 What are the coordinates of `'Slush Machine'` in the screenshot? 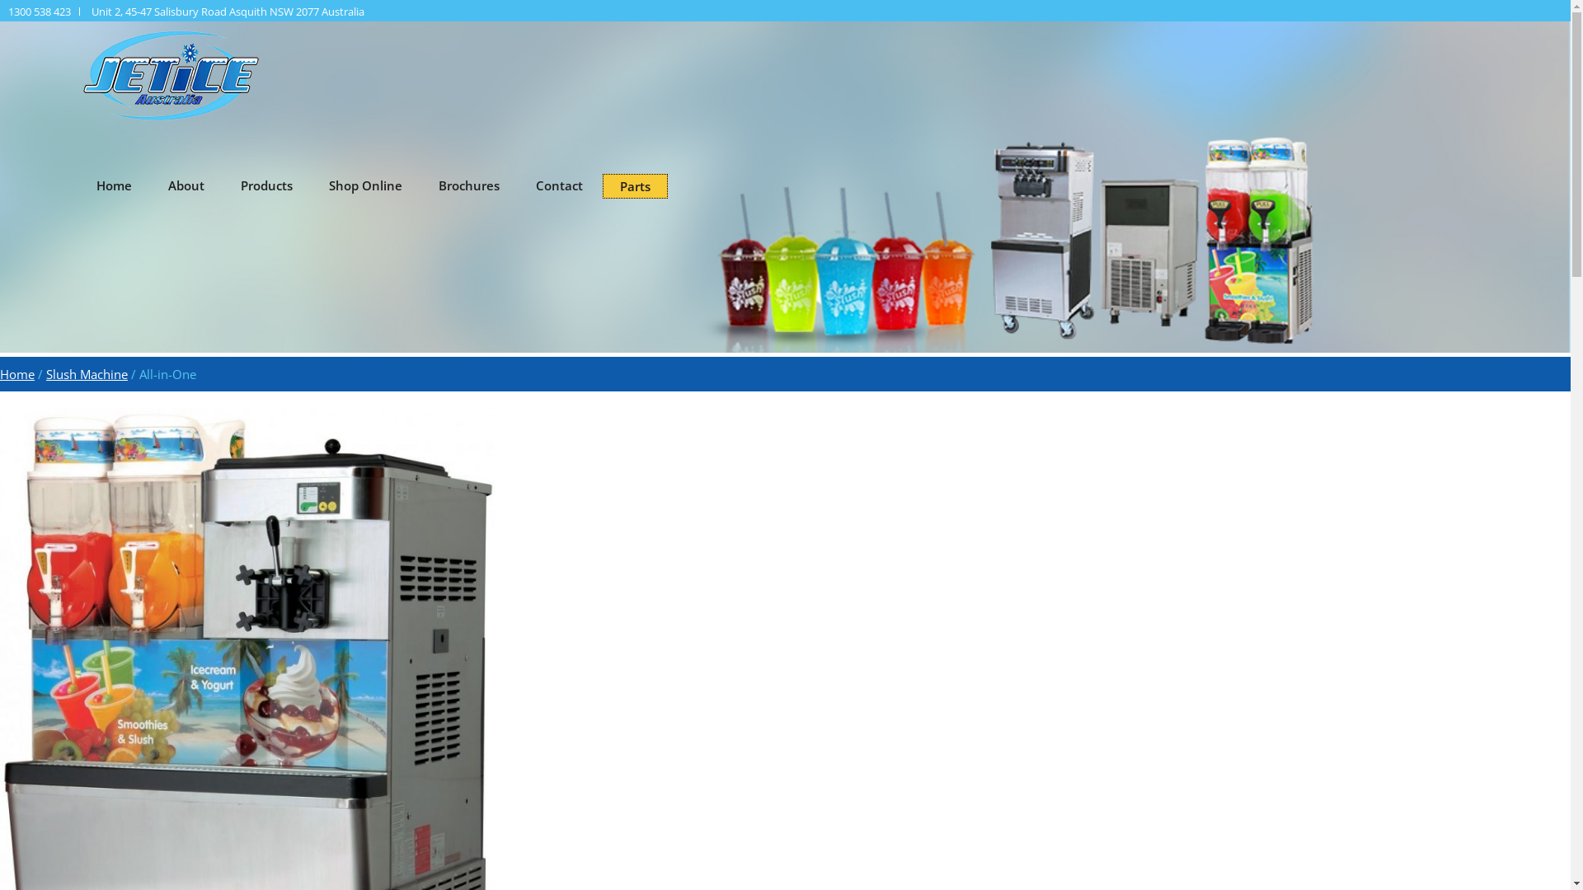 It's located at (46, 374).